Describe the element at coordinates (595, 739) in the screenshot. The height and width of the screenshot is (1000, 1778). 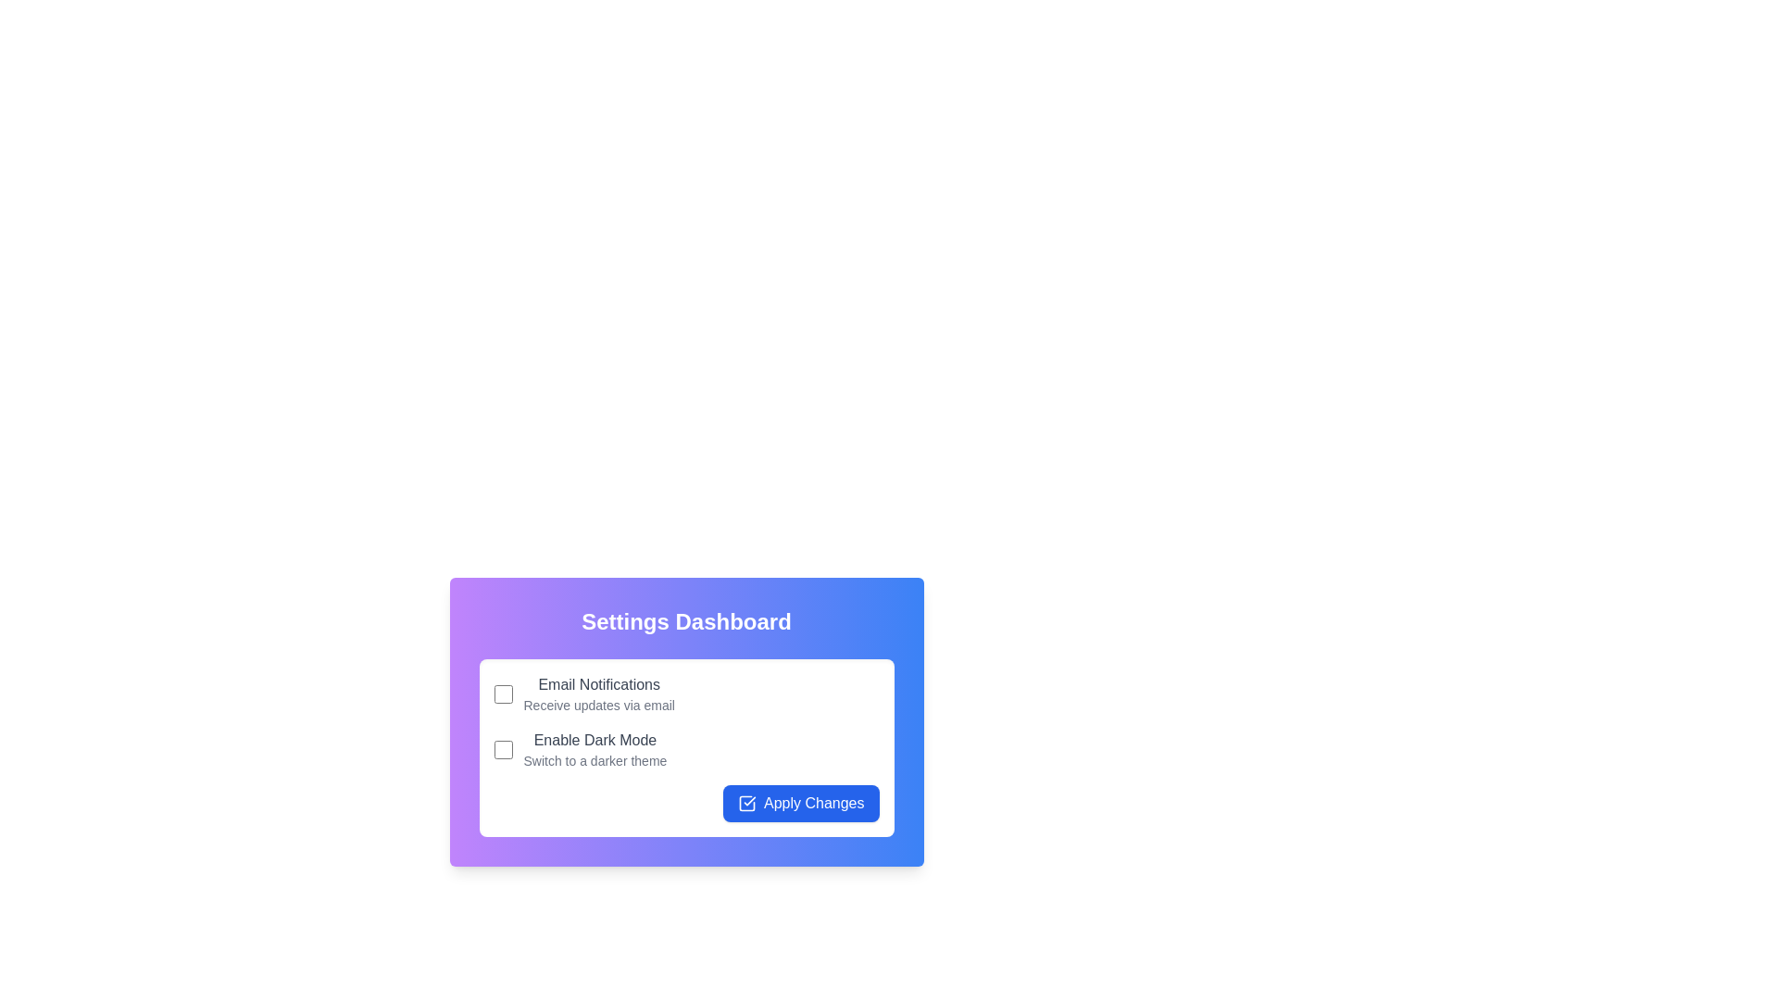
I see `the 'Enable Dark Mode' label text element, which is styled with a medium font weight and is located in the settings interface, above the sibling text 'Switch to a darker theme'` at that location.